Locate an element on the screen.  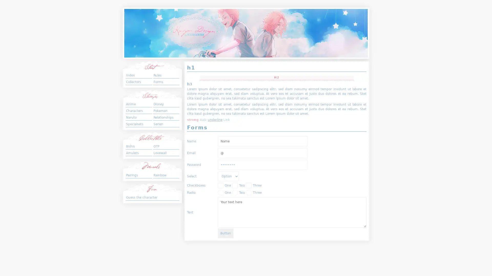
Button is located at coordinates (225, 233).